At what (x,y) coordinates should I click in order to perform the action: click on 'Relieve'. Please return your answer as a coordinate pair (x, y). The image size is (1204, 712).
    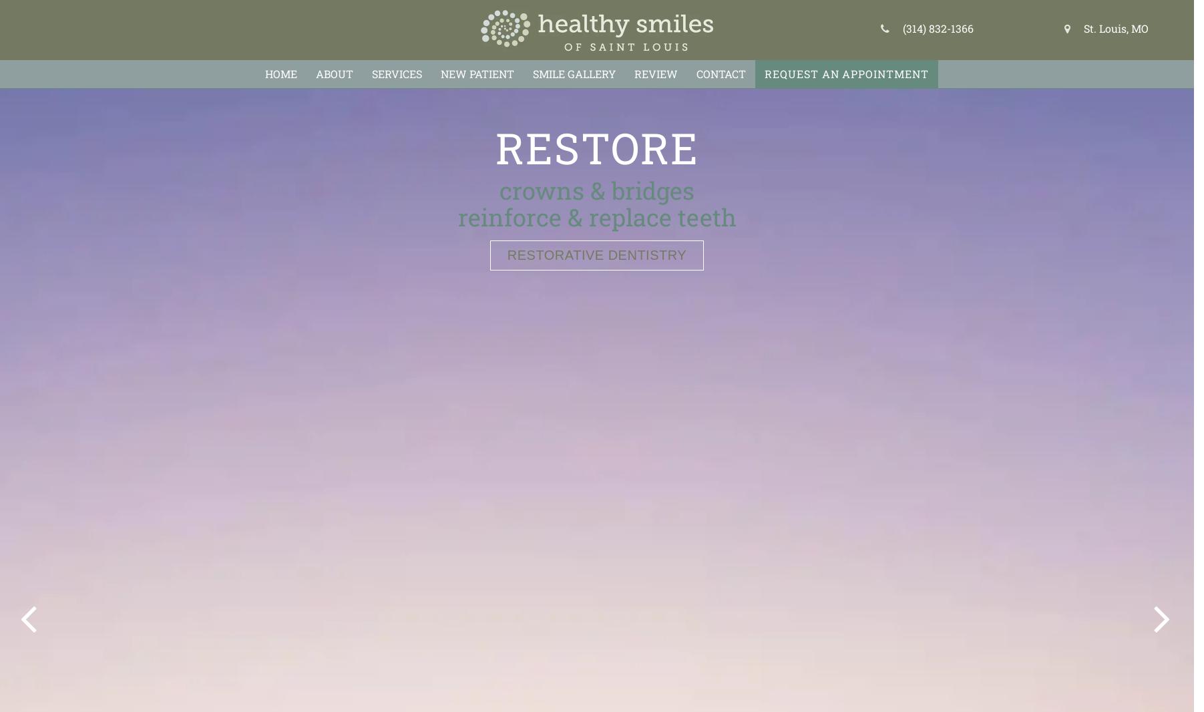
    Looking at the image, I should click on (596, 146).